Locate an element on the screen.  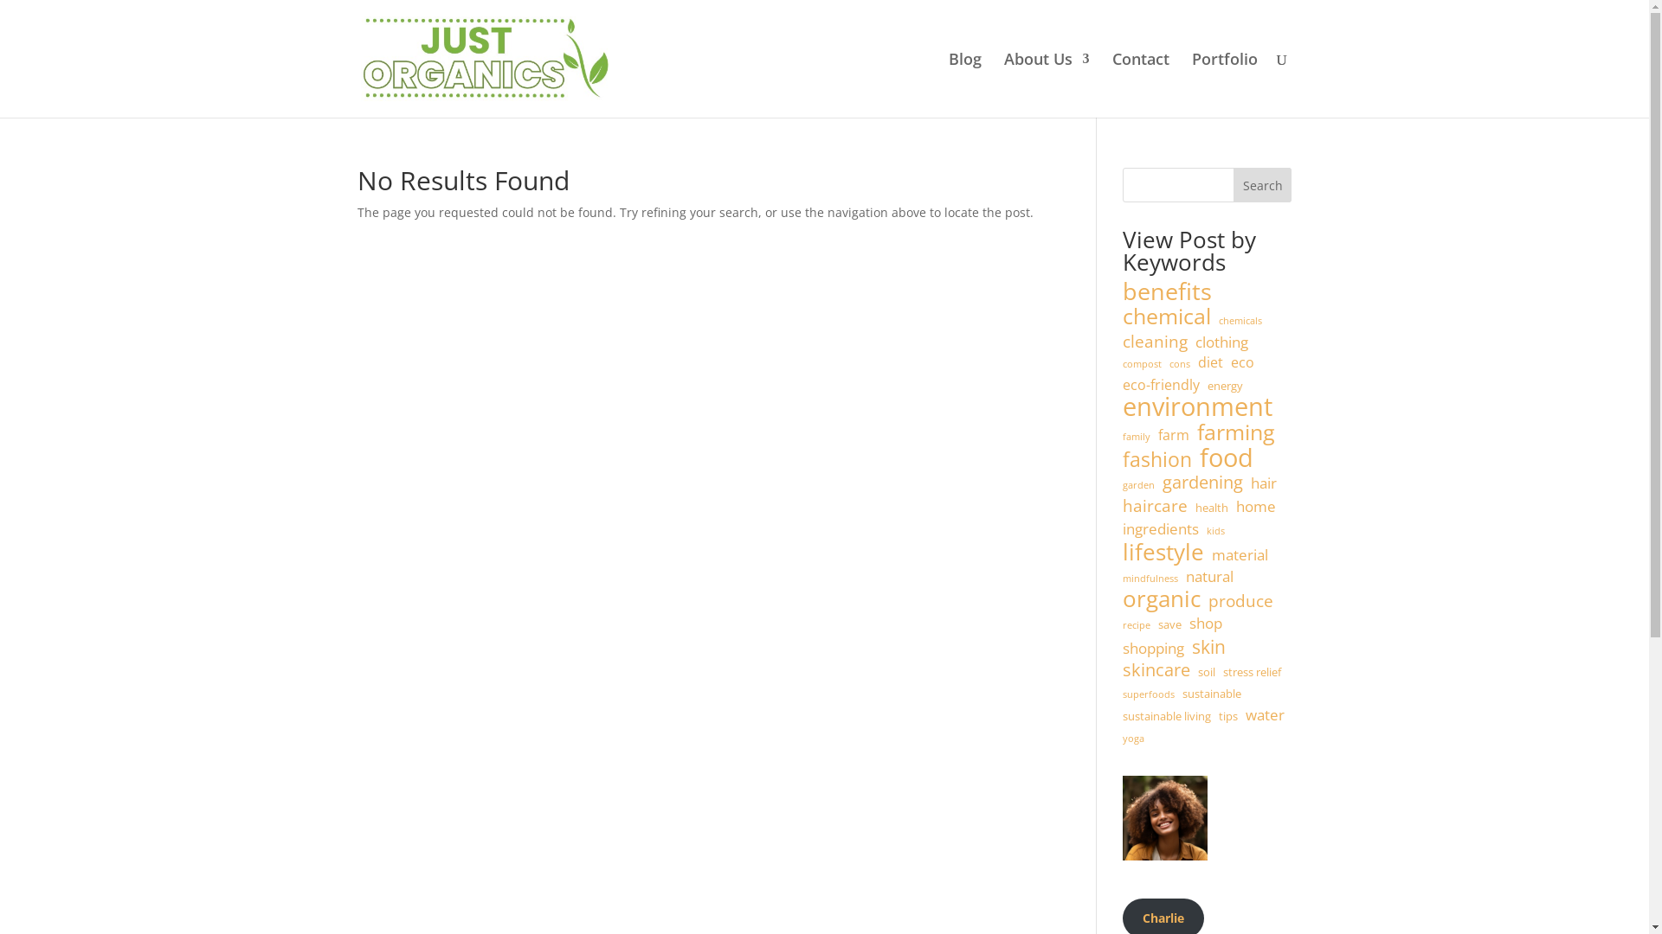
'environment' is located at coordinates (1196, 406).